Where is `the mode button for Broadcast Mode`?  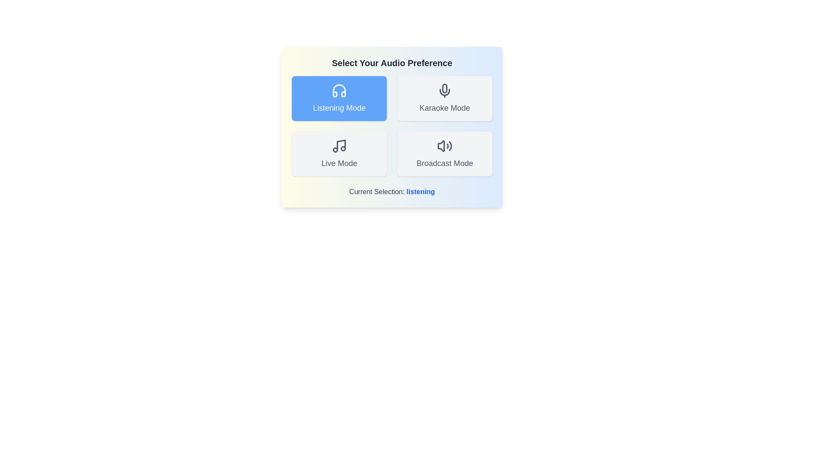 the mode button for Broadcast Mode is located at coordinates (444, 153).